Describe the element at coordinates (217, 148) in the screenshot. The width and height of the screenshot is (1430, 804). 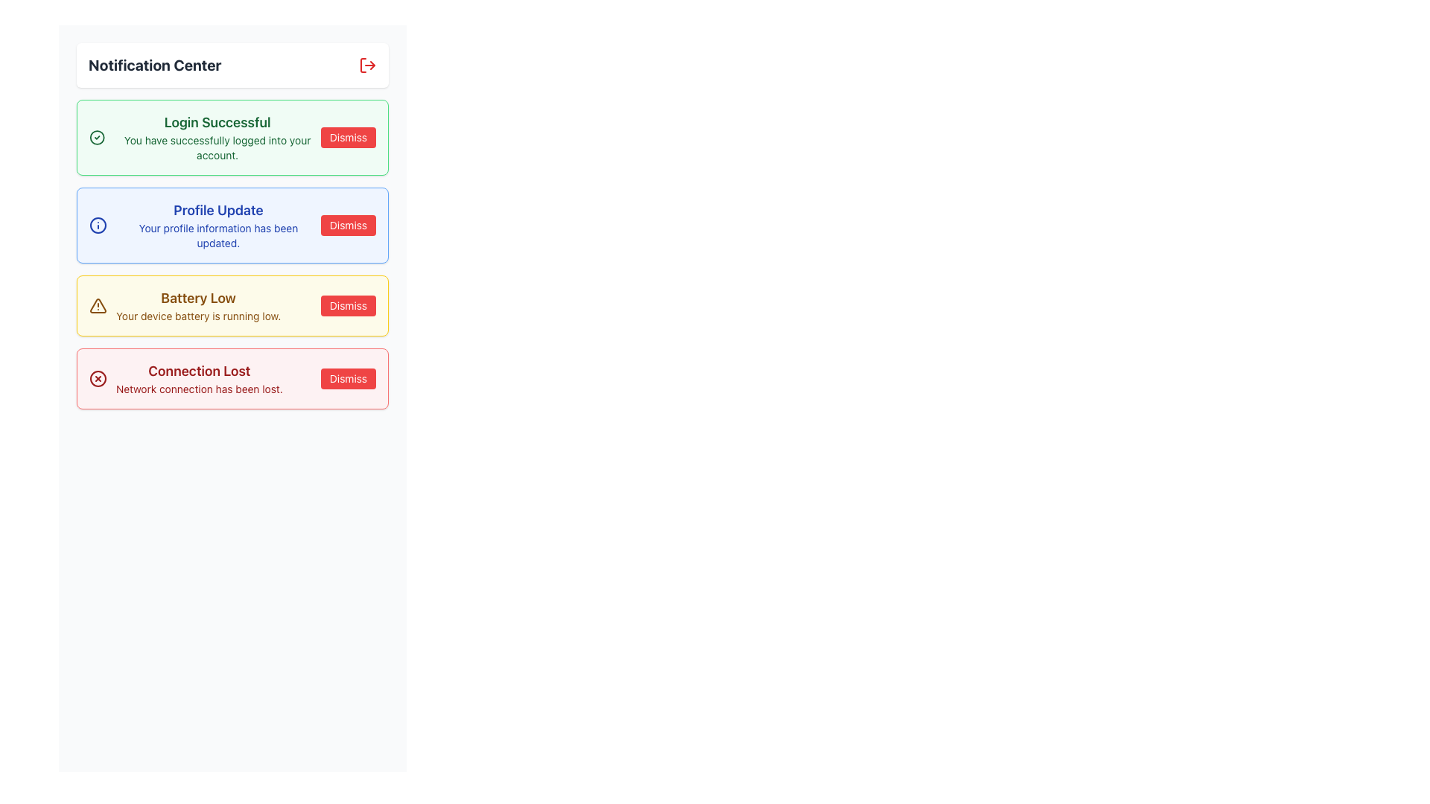
I see `the static text that reads 'You have successfully logged into your account.' which is located below the bold heading 'Login Successful.'` at that location.